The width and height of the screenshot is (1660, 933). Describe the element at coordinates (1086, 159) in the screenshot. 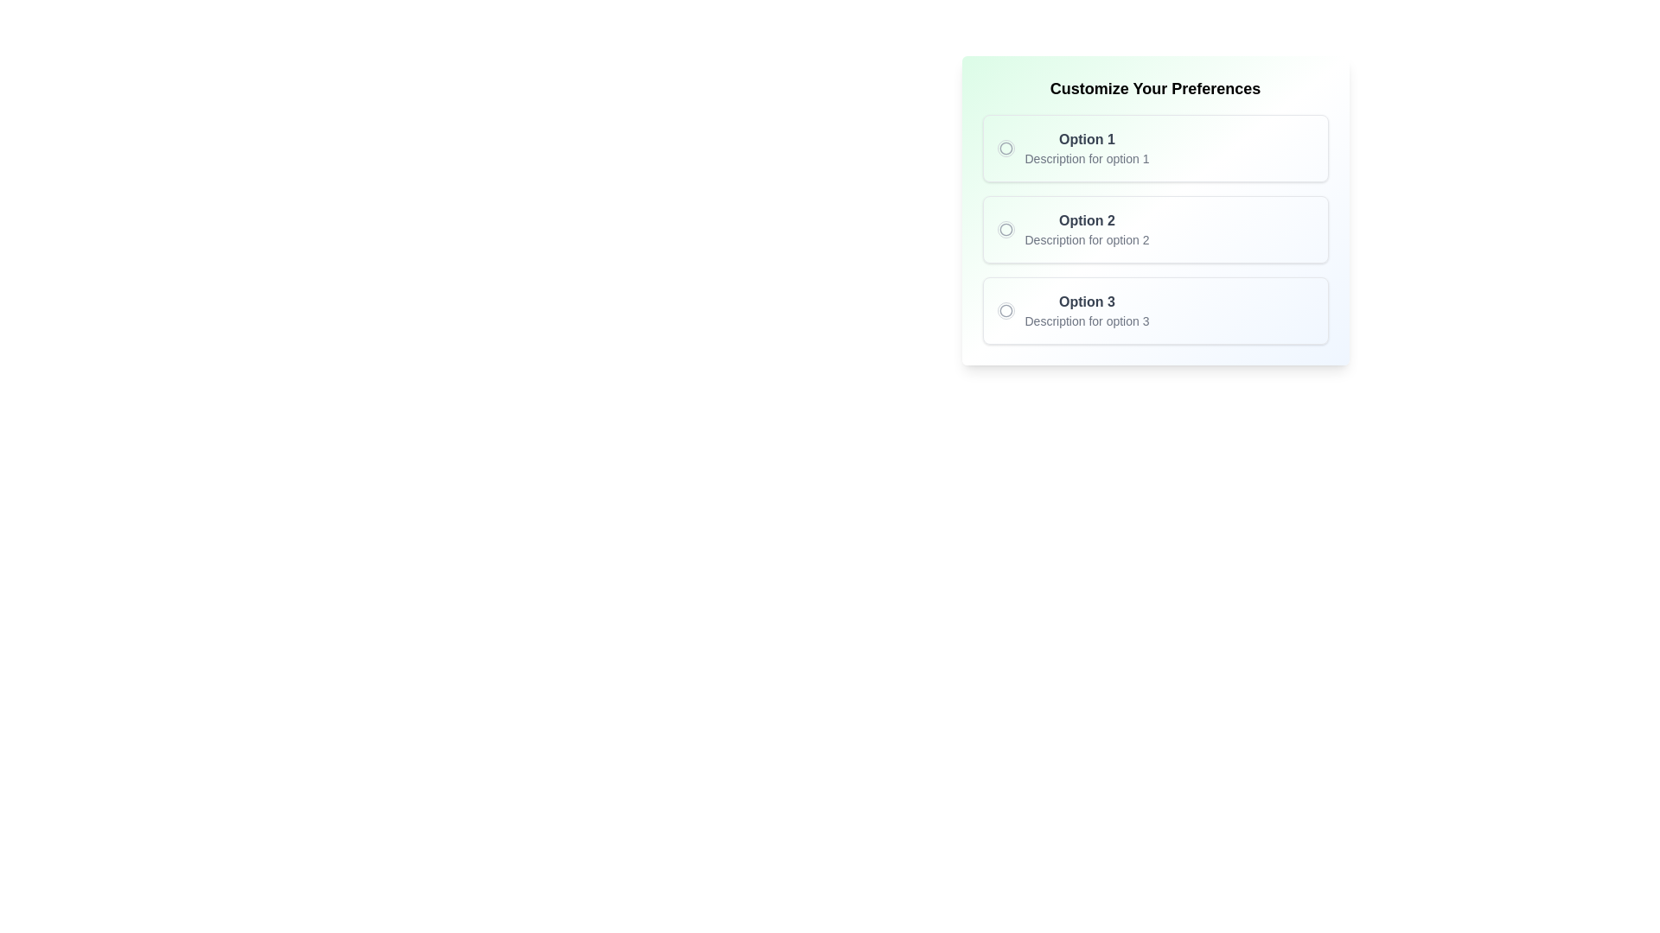

I see `the descriptive text reading 'Description for option 1', which is styled in a smaller gray font and positioned directly below the main label 'Option 1' in a vertically stacked list of options` at that location.